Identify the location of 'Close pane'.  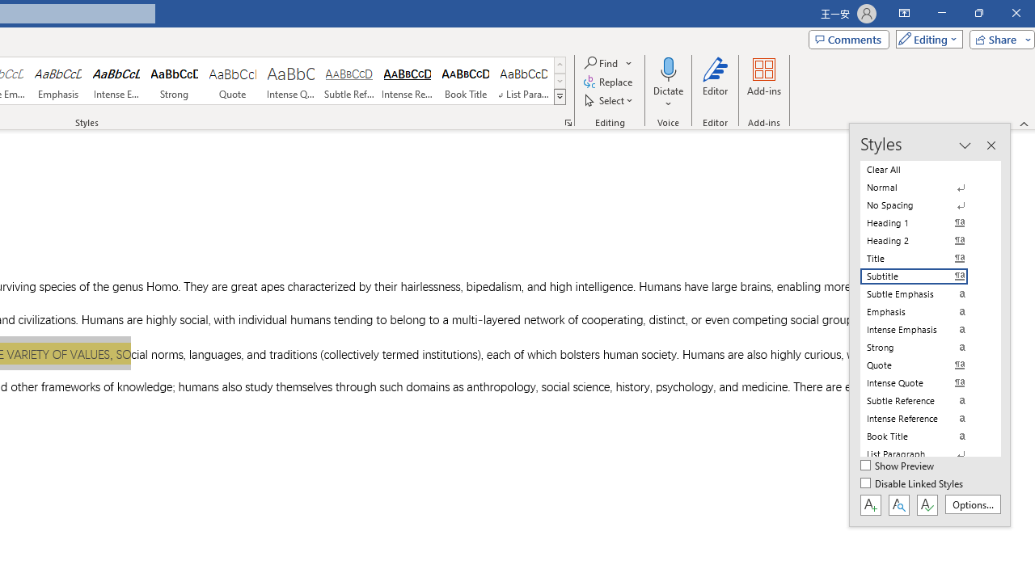
(990, 145).